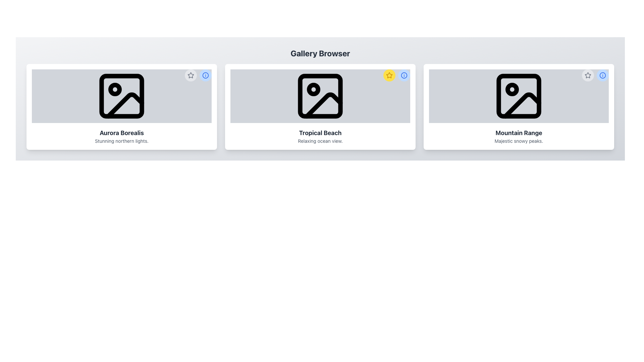  Describe the element at coordinates (404, 75) in the screenshot. I see `the interactive circular icon with a light blue background and an information symbol inside, located at the top-right corner of the 'Tropical Beach' card` at that location.